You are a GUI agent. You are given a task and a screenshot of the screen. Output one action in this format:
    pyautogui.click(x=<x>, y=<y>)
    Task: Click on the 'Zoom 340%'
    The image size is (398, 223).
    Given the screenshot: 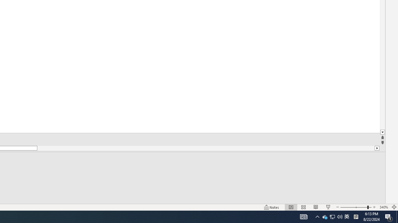 What is the action you would take?
    pyautogui.click(x=383, y=207)
    